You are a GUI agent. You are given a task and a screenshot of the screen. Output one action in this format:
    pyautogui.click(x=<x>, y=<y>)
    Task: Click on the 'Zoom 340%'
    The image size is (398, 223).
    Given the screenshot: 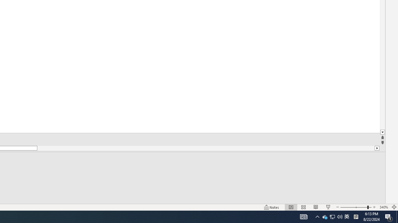 What is the action you would take?
    pyautogui.click(x=383, y=207)
    